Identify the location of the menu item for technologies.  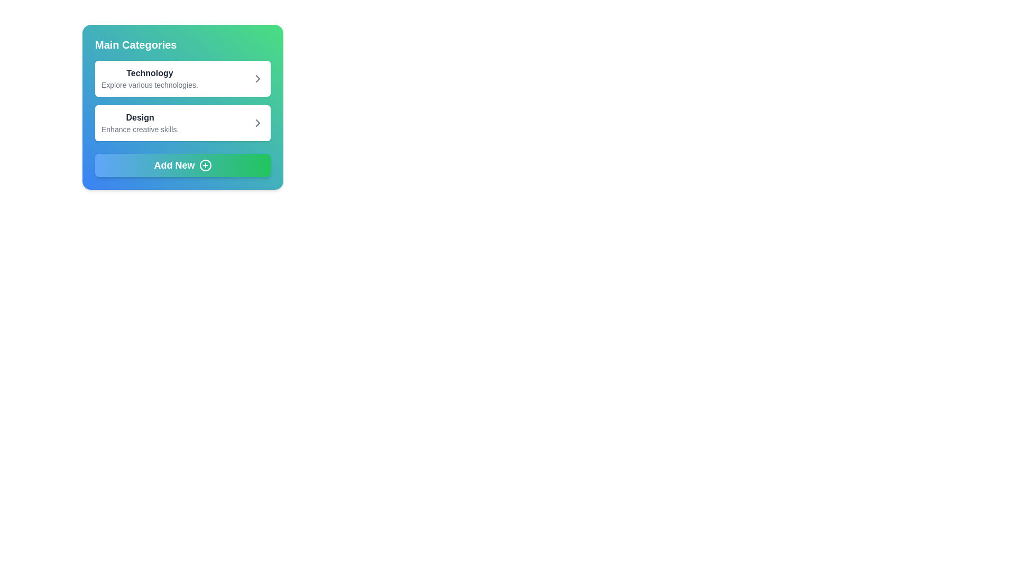
(182, 78).